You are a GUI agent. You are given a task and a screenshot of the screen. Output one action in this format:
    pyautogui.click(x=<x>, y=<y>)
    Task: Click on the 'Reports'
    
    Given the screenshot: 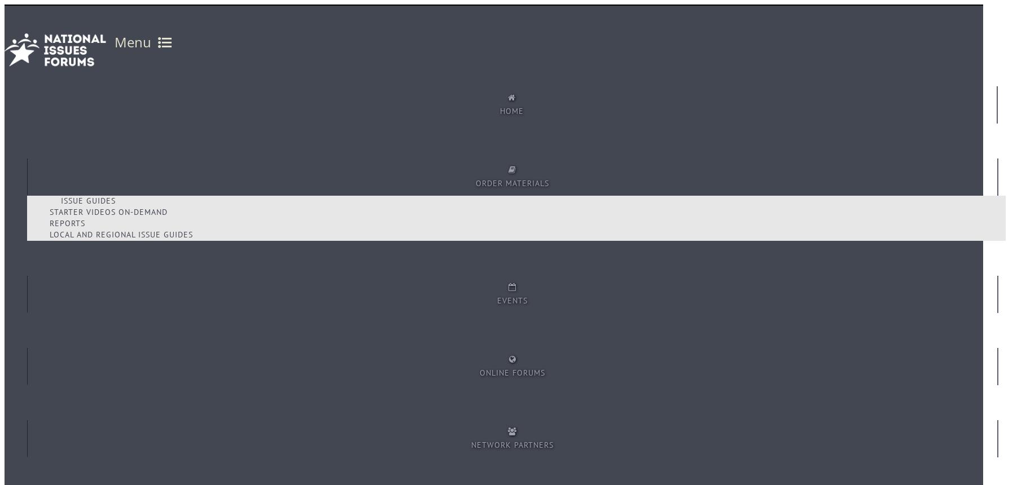 What is the action you would take?
    pyautogui.click(x=67, y=223)
    